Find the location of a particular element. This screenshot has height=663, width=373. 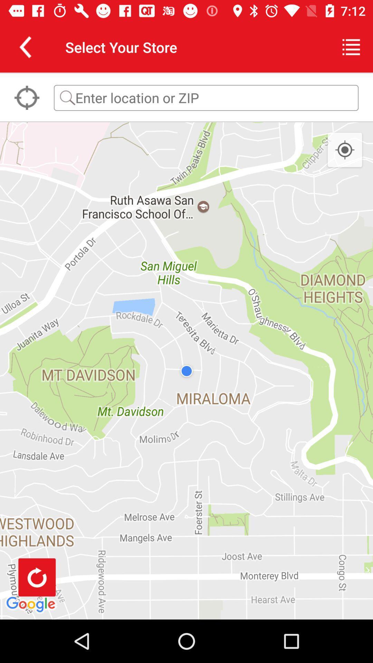

item next to the select your store icon is located at coordinates (351, 47).